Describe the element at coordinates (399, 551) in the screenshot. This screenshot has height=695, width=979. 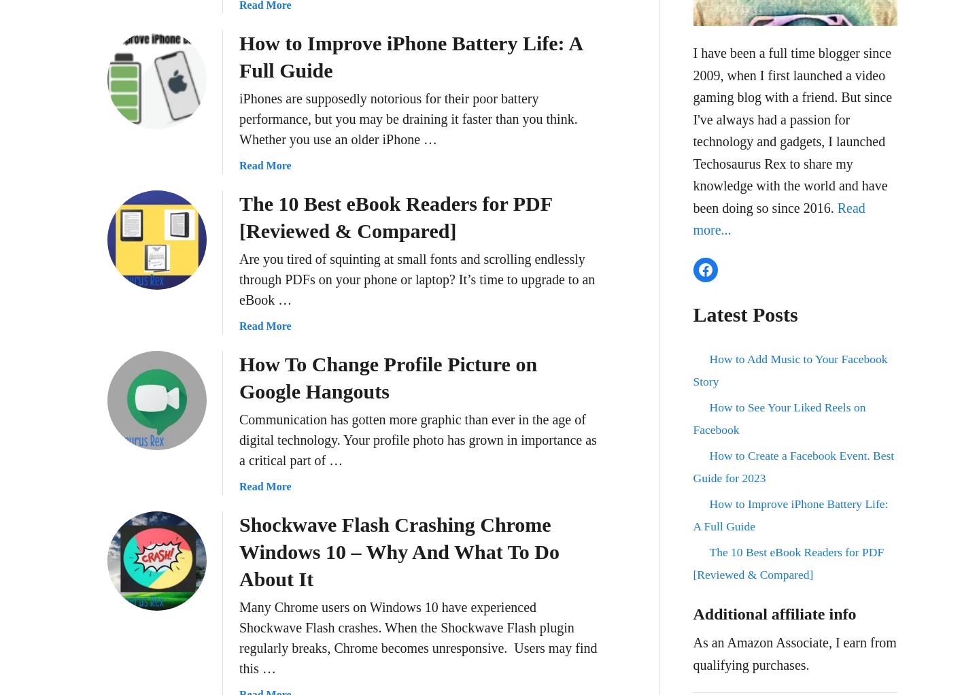
I see `'Shockwave Flash Crashing Chrome Windows 10 – Why And What To Do About It'` at that location.